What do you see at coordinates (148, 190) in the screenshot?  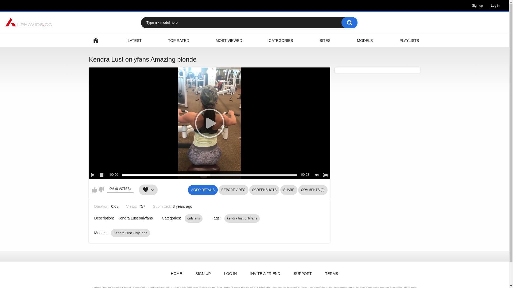 I see `'Add to Favourites'` at bounding box center [148, 190].